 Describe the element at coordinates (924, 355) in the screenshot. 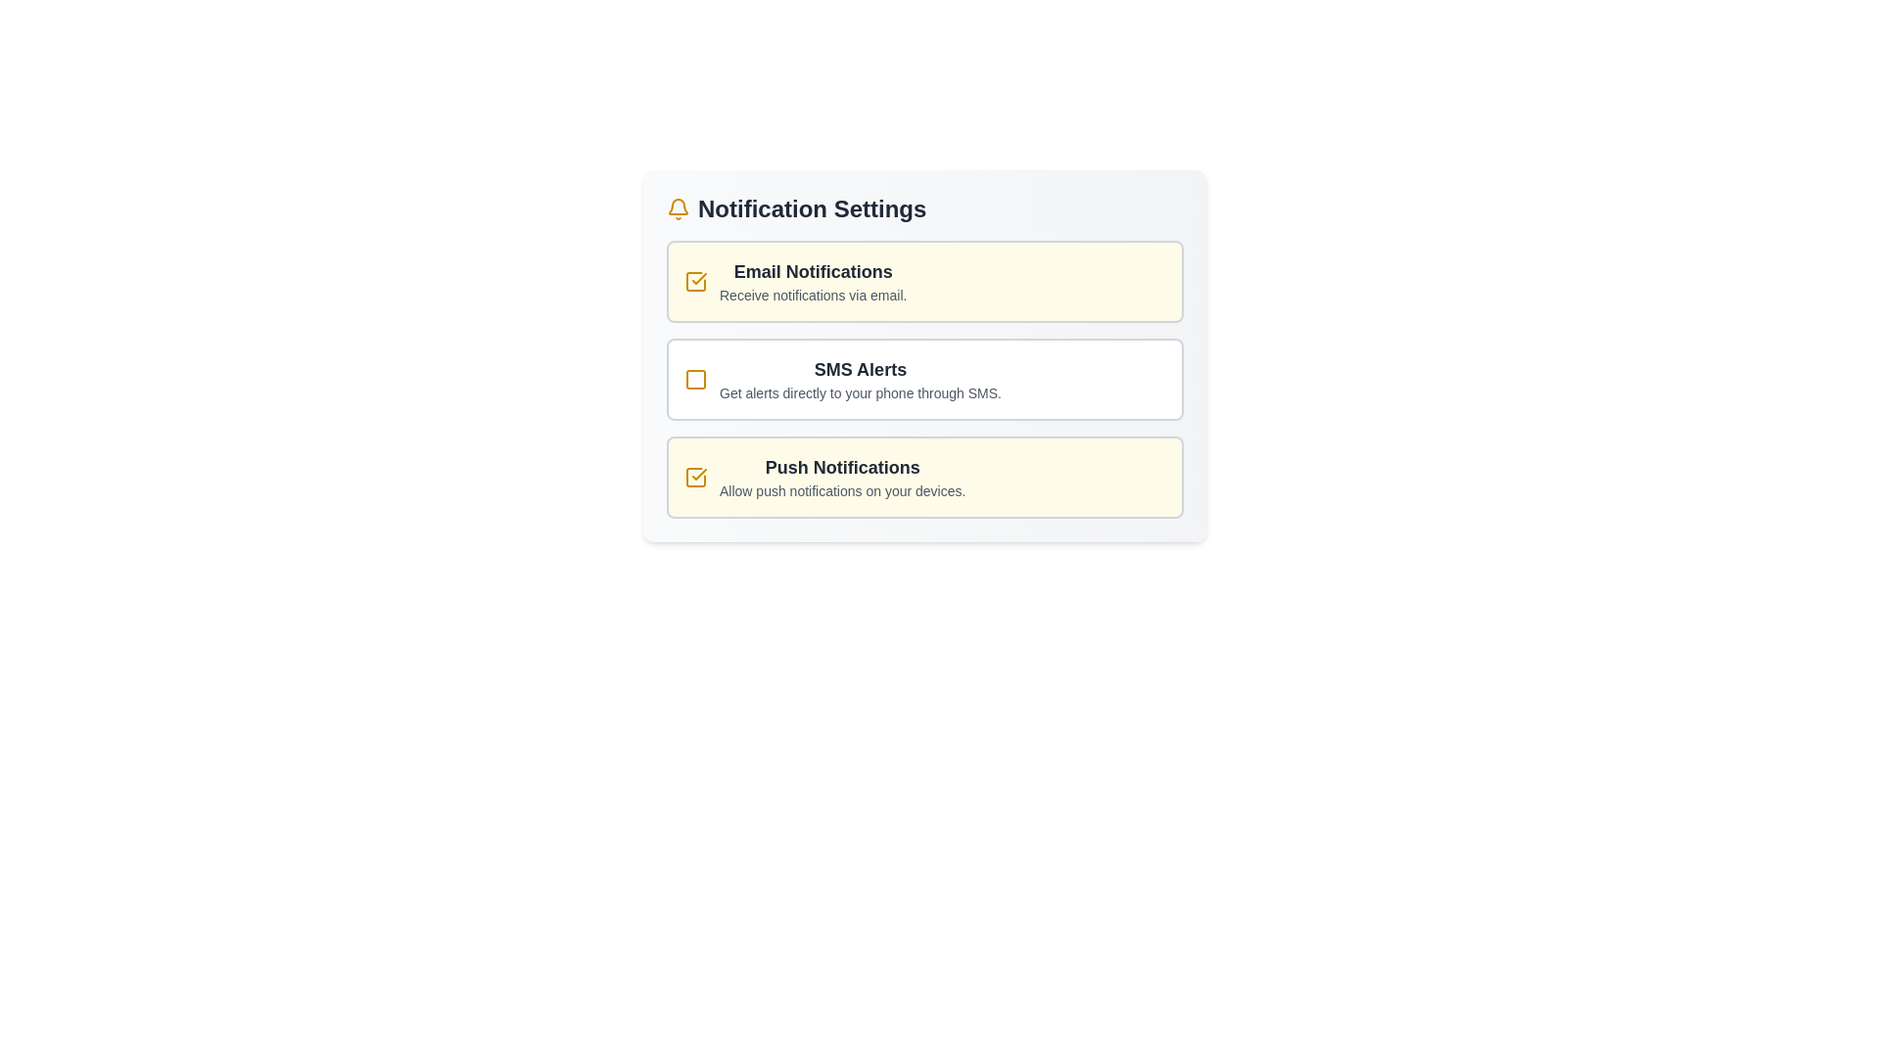

I see `the 'SMS Alerts' interactive card with a checkbox` at that location.